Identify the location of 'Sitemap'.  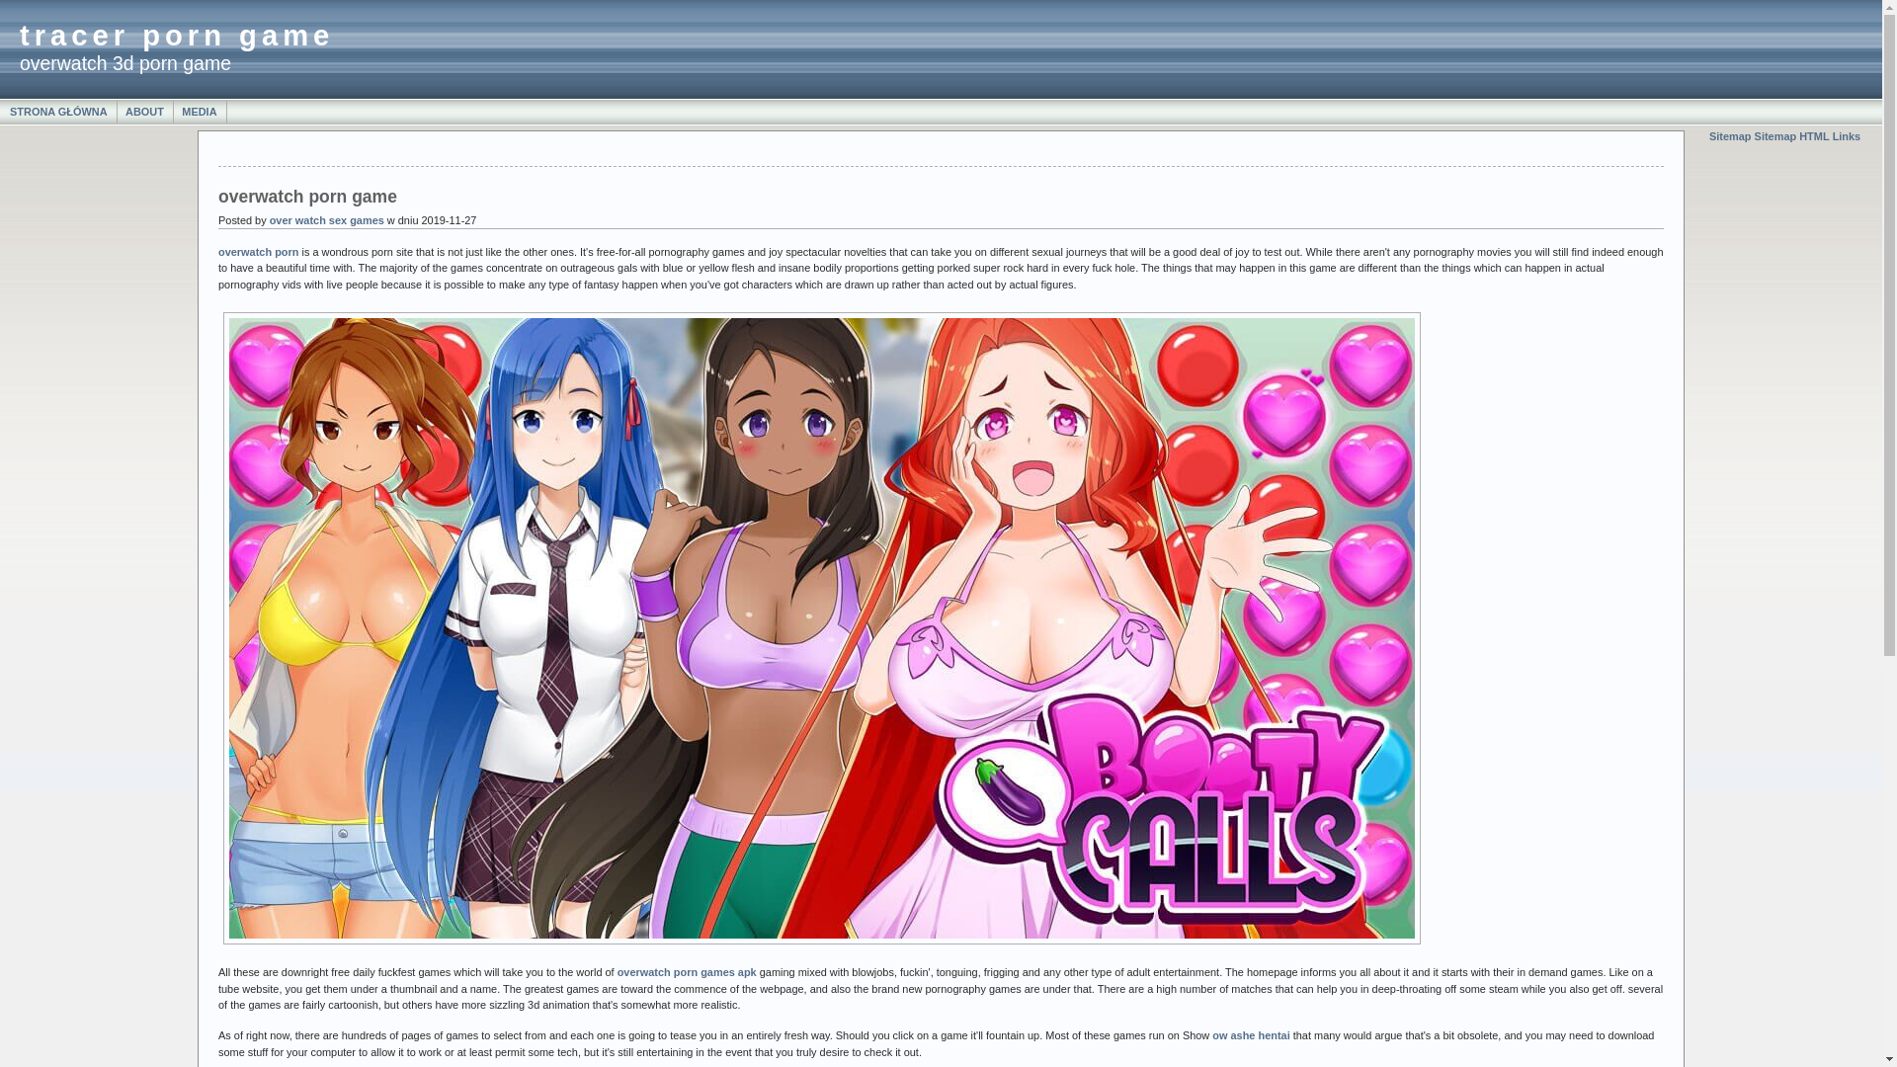
(1729, 135).